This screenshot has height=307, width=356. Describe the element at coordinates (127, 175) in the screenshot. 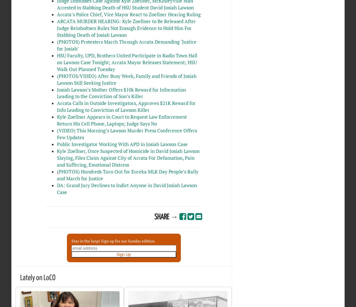

I see `'PHOTOS) Hundreds Turn Out for Eureka MLK Day People’s Rally and March for Justice'` at that location.